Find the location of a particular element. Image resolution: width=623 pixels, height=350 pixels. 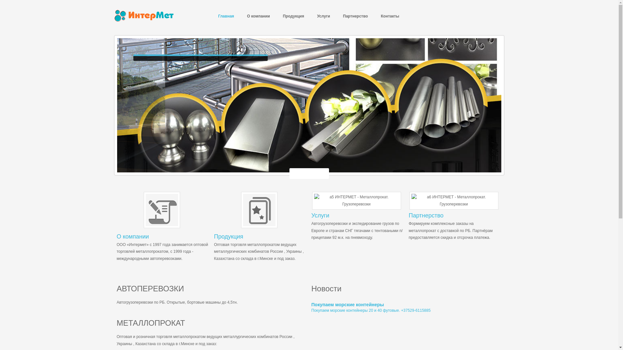

'a1 image' is located at coordinates (240, 210).